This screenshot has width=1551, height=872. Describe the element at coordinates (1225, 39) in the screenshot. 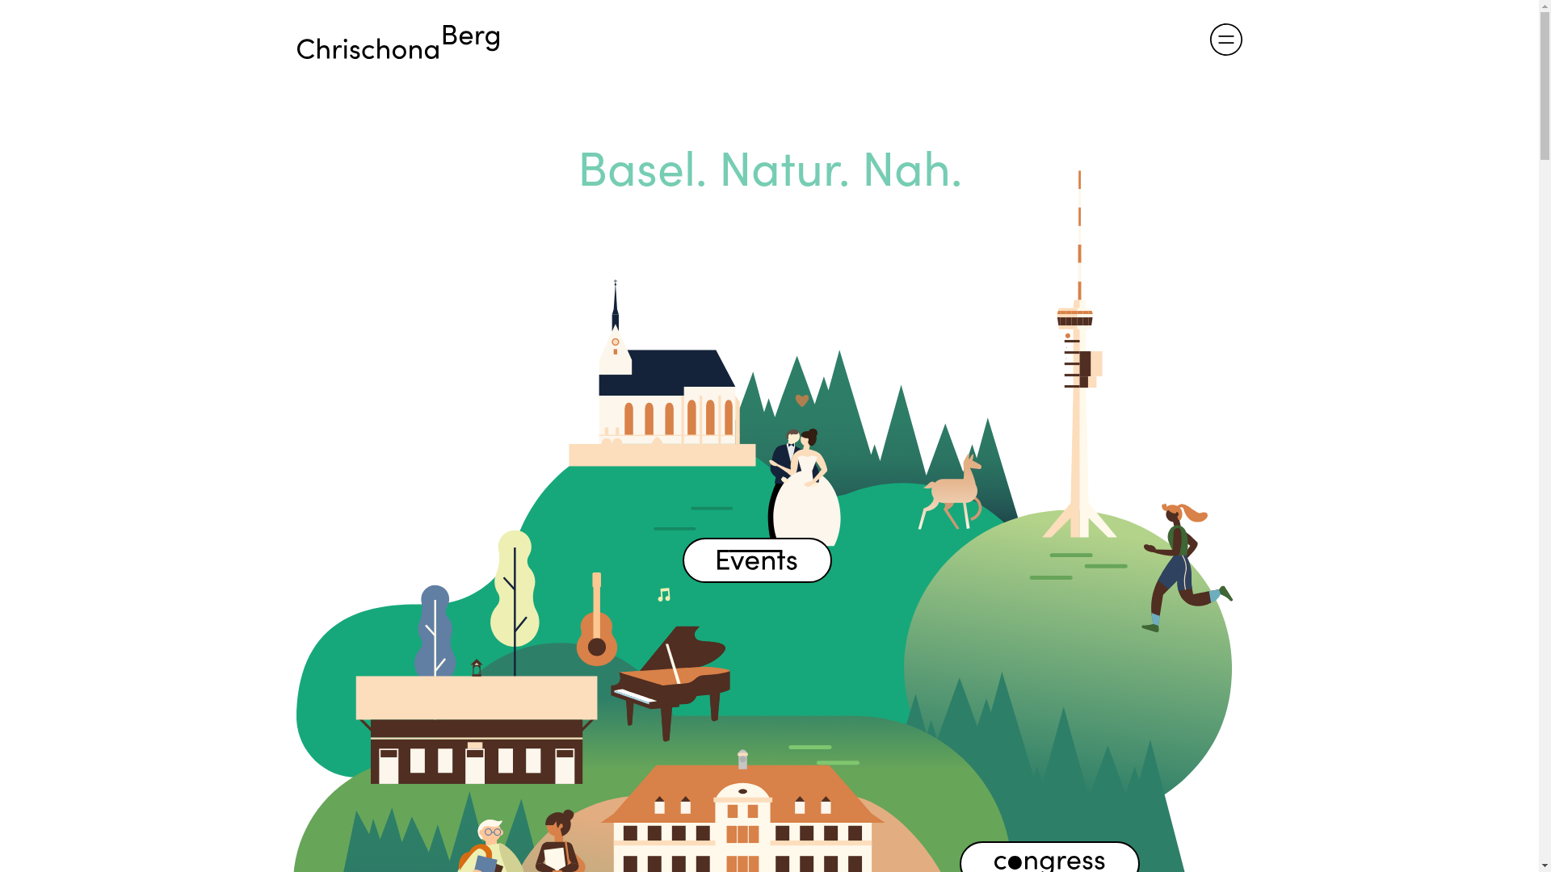

I see `'menu-icon-03'` at that location.